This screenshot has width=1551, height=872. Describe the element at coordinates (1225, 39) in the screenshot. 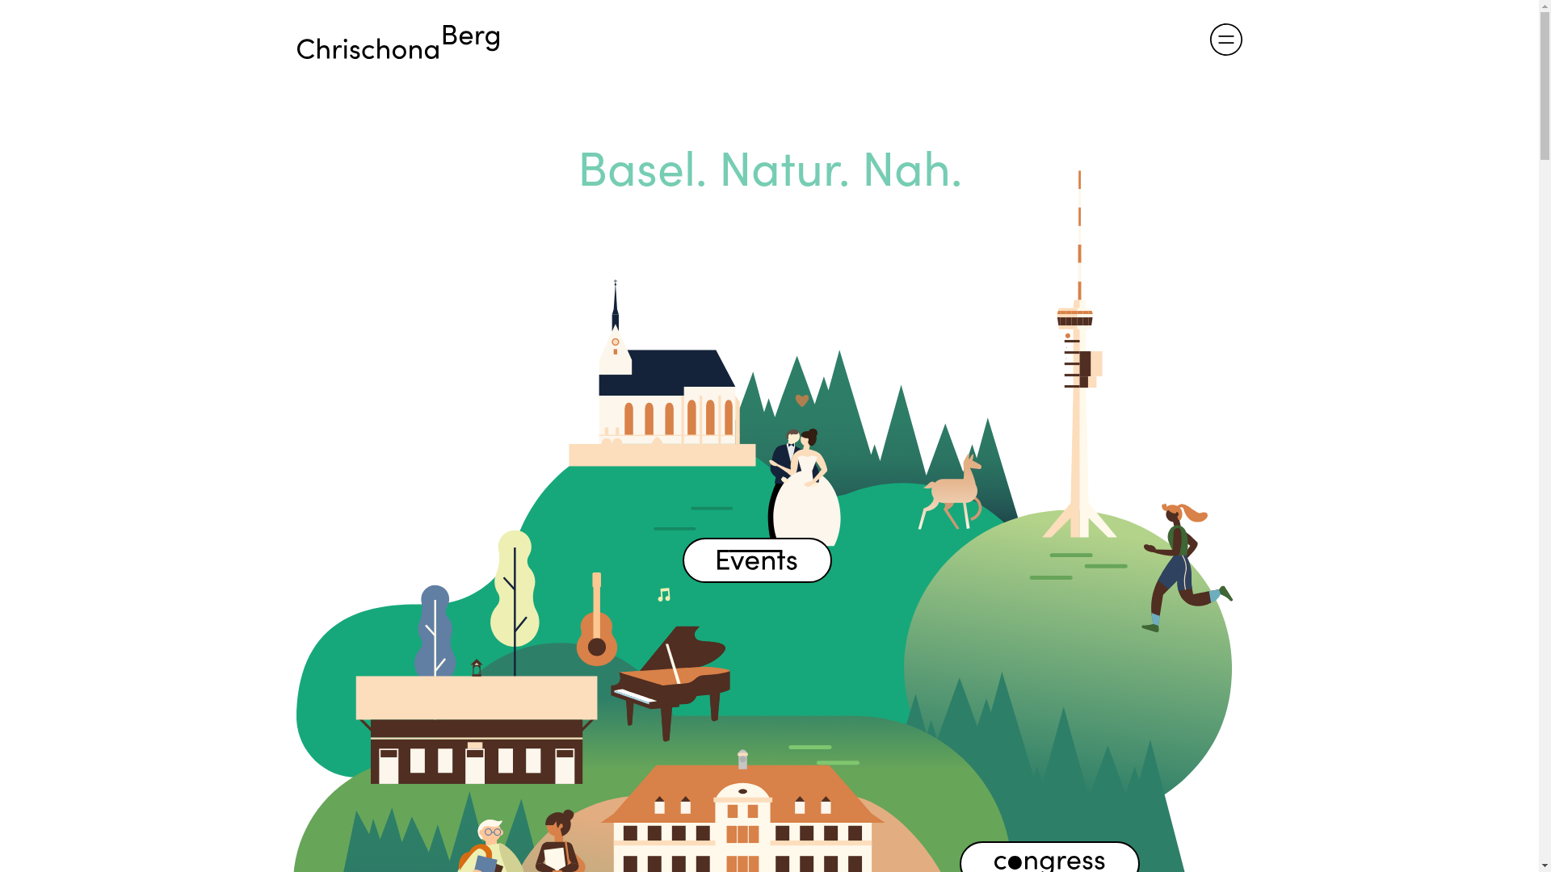

I see `'menu-icon-03'` at that location.